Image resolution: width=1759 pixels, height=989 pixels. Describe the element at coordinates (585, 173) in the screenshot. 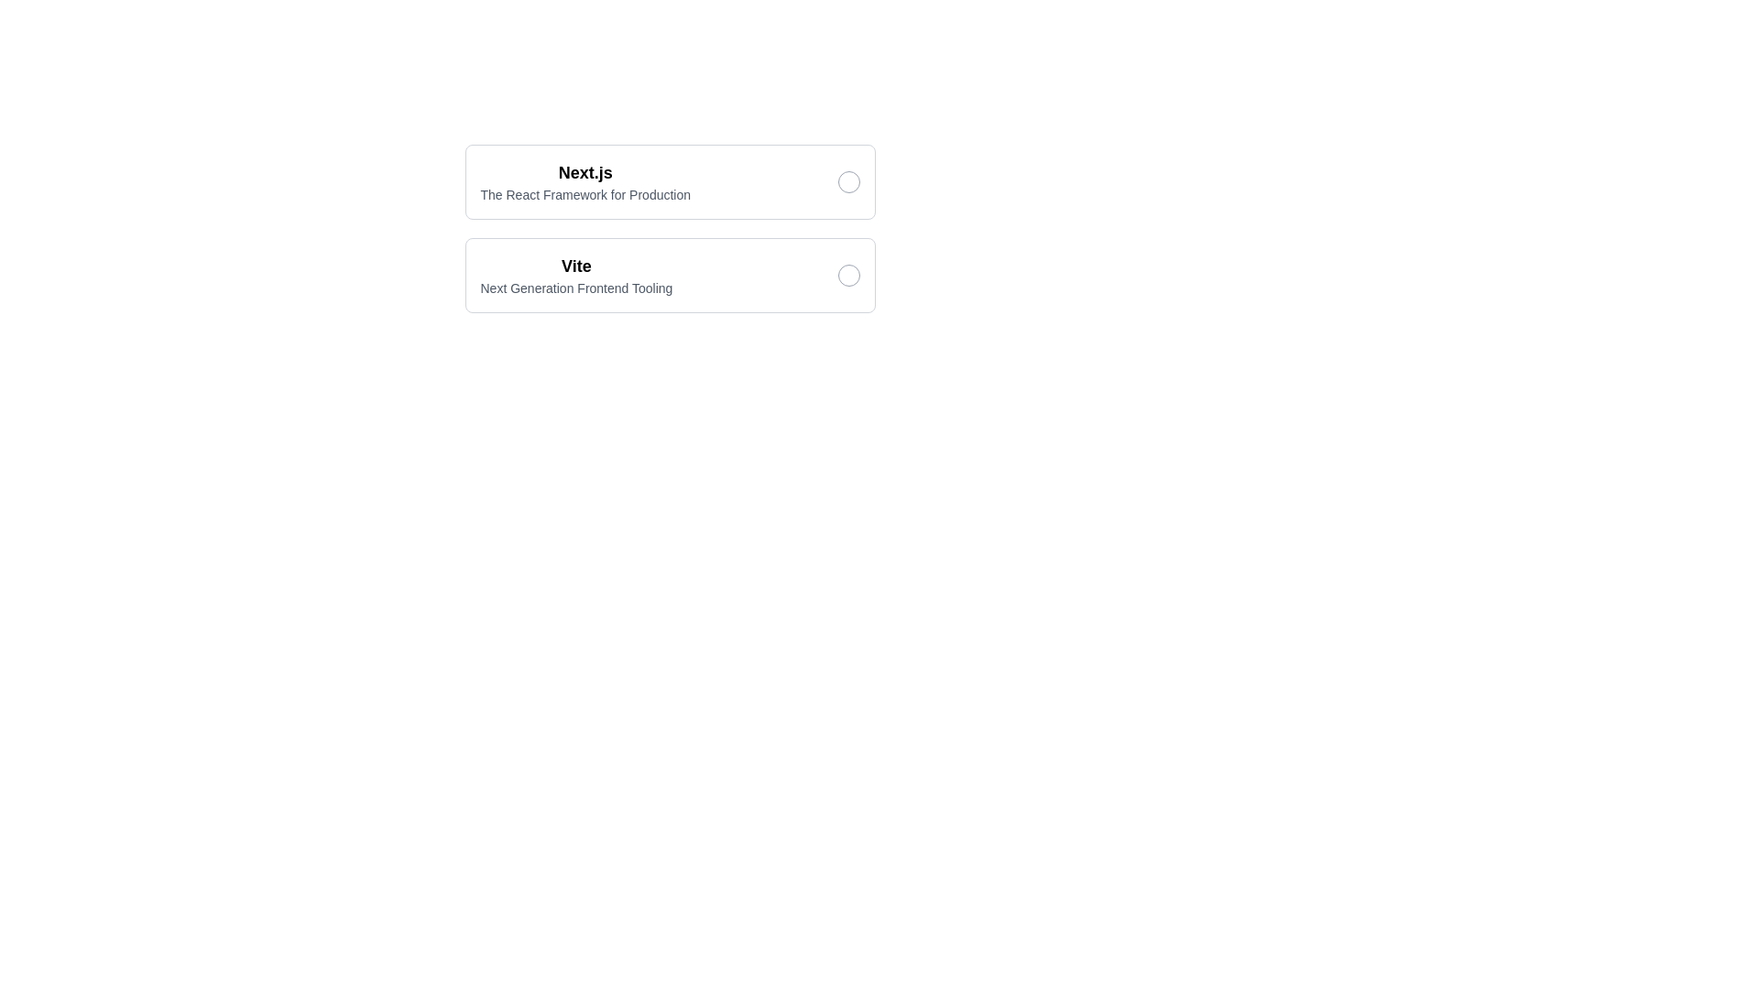

I see `text content of the heading displaying 'Next.js', which is styled with 'text-lg font-semibold' and is located above the description 'The React Framework for Production'` at that location.